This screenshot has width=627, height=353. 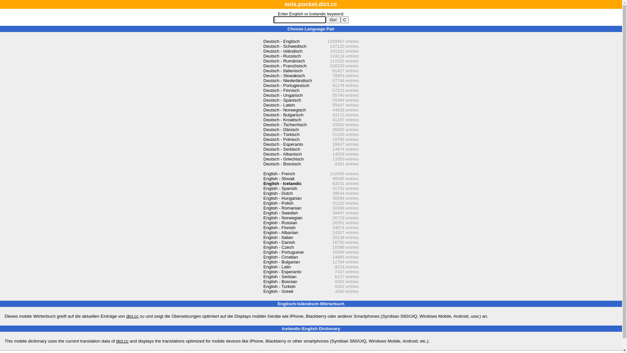 What do you see at coordinates (282, 208) in the screenshot?
I see `'English - Romanian'` at bounding box center [282, 208].